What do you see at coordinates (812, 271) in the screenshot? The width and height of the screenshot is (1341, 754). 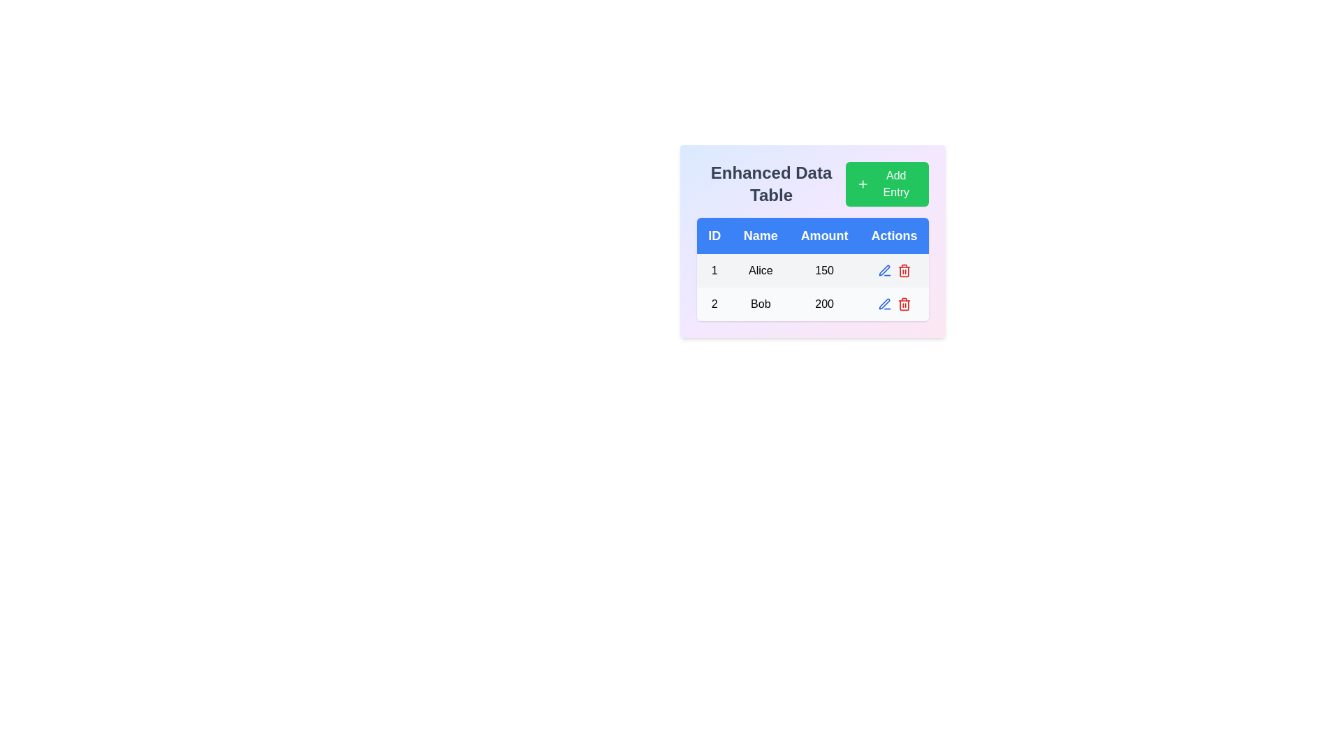 I see `text content of the first row in the data table, which includes ID '1', name 'Alice', and amount '150'` at bounding box center [812, 271].